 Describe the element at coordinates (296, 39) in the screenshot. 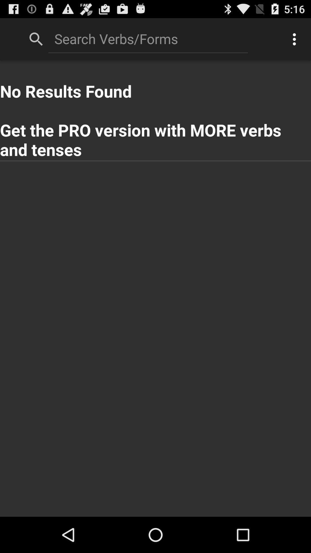

I see `app above no results found icon` at that location.